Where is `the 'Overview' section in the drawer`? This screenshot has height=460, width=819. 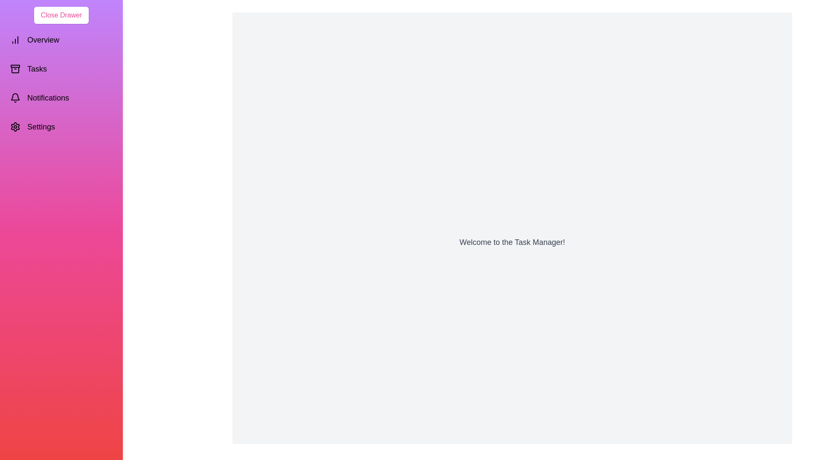 the 'Overview' section in the drawer is located at coordinates (61, 40).